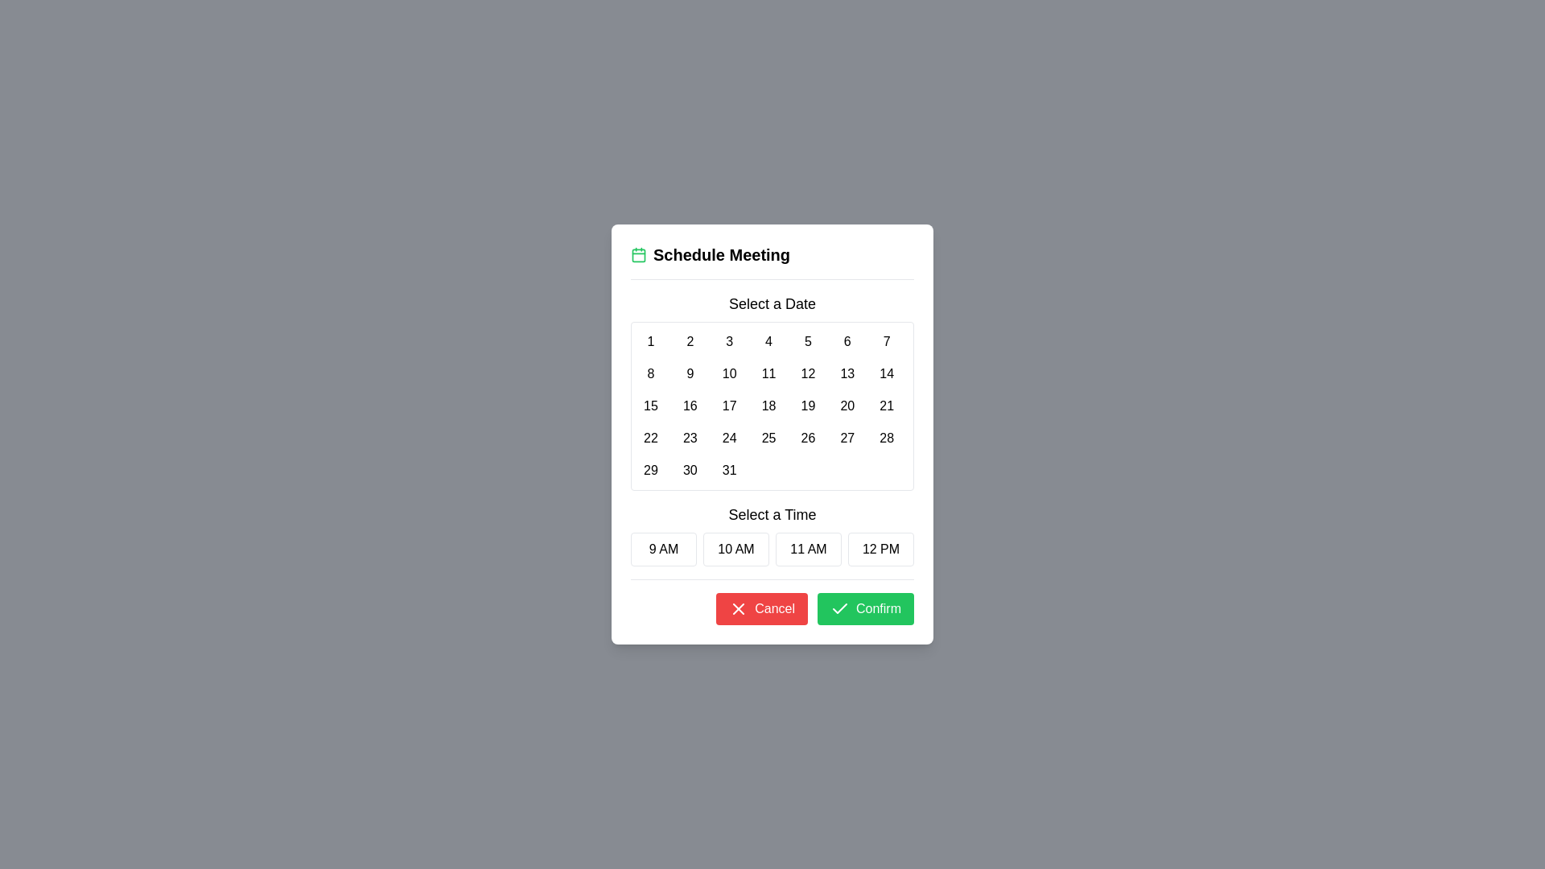  What do you see at coordinates (838, 608) in the screenshot?
I see `the state transition of the white checkmark icon on the green 'Confirm' button, which is styled with bold, angled strokes and located adjacent to a red 'Cancel' button` at bounding box center [838, 608].